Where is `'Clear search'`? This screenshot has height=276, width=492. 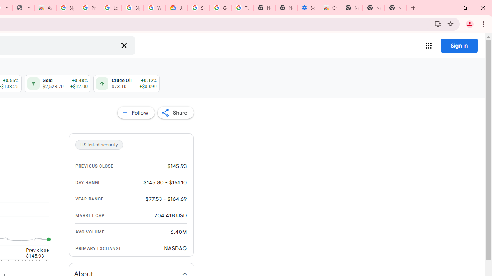 'Clear search' is located at coordinates (124, 45).